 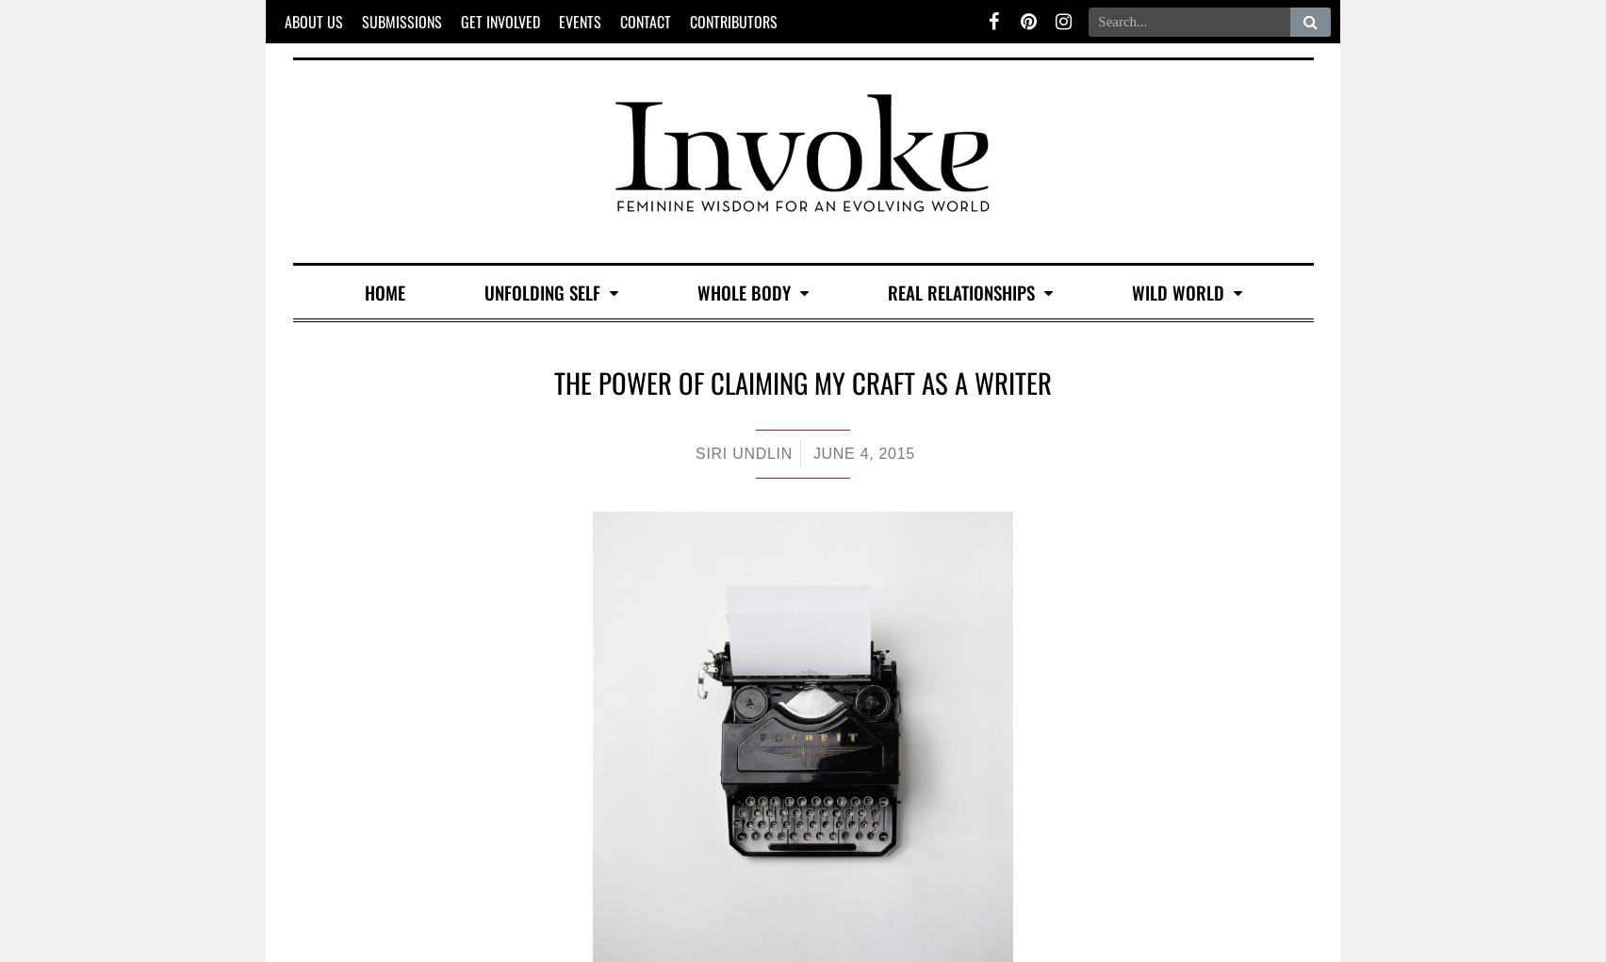 I want to click on 'Join the Sisterhood', so click(x=274, y=700).